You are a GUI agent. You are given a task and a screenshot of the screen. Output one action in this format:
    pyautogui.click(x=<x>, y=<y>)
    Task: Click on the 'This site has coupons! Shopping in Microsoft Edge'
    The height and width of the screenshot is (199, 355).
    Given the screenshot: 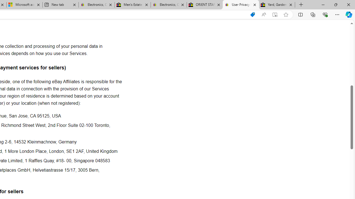 What is the action you would take?
    pyautogui.click(x=252, y=14)
    